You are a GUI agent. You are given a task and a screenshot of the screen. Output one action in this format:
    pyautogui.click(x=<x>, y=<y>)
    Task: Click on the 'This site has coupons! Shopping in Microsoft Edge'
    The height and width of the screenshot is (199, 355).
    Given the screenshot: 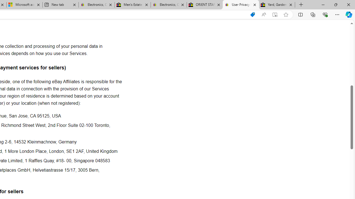 What is the action you would take?
    pyautogui.click(x=252, y=14)
    